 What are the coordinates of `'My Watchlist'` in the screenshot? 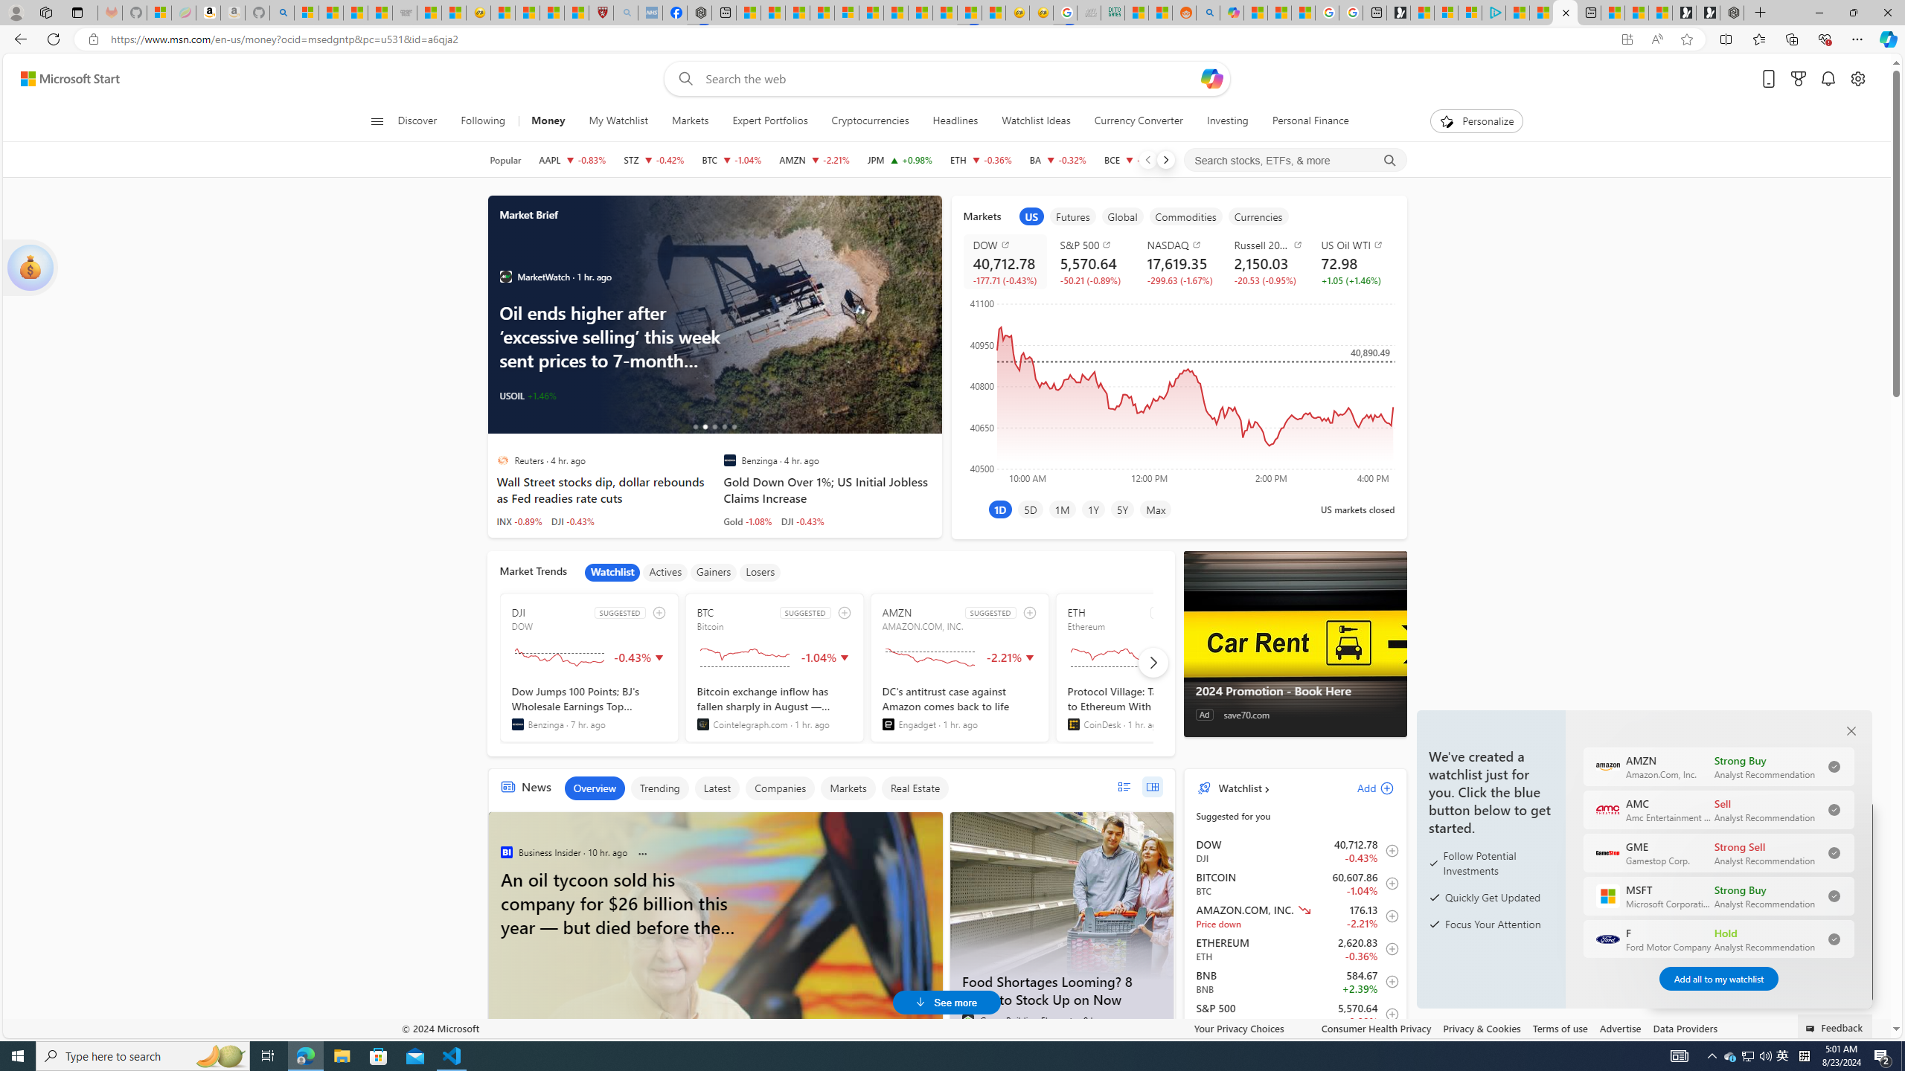 It's located at (617, 120).